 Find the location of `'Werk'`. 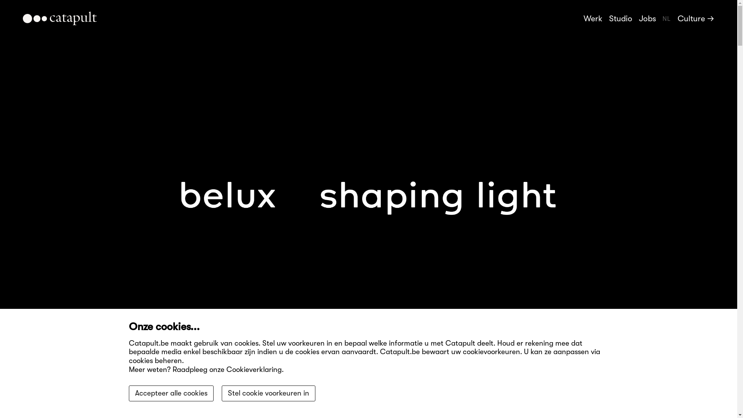

'Werk' is located at coordinates (583, 18).